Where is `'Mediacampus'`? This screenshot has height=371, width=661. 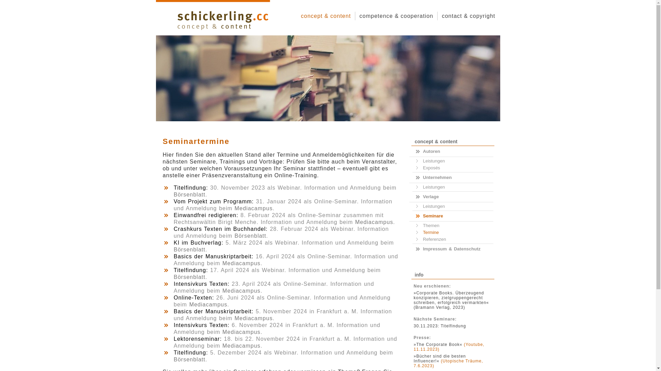 'Mediacampus' is located at coordinates (355, 222).